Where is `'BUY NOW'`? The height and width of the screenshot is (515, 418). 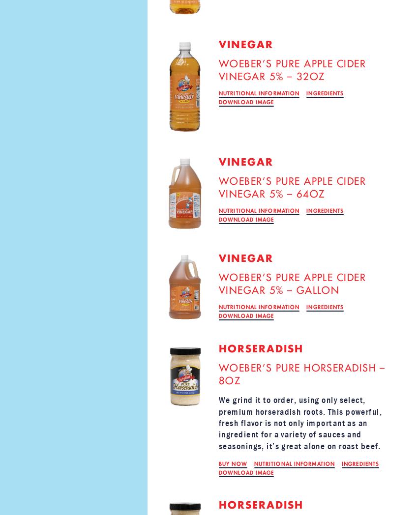
'BUY NOW' is located at coordinates (233, 464).